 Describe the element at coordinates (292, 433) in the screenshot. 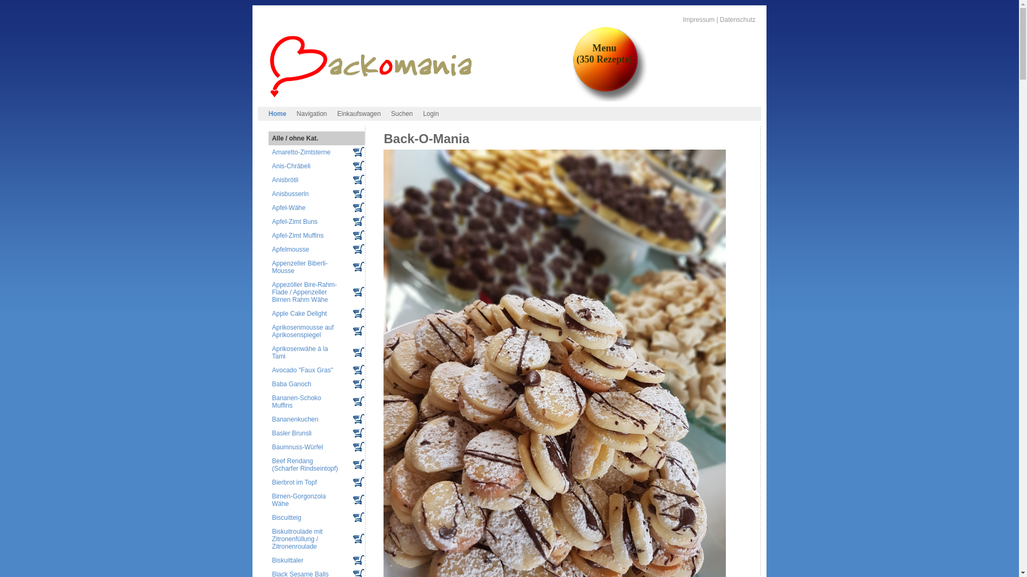

I see `'Basler Brunsli'` at that location.